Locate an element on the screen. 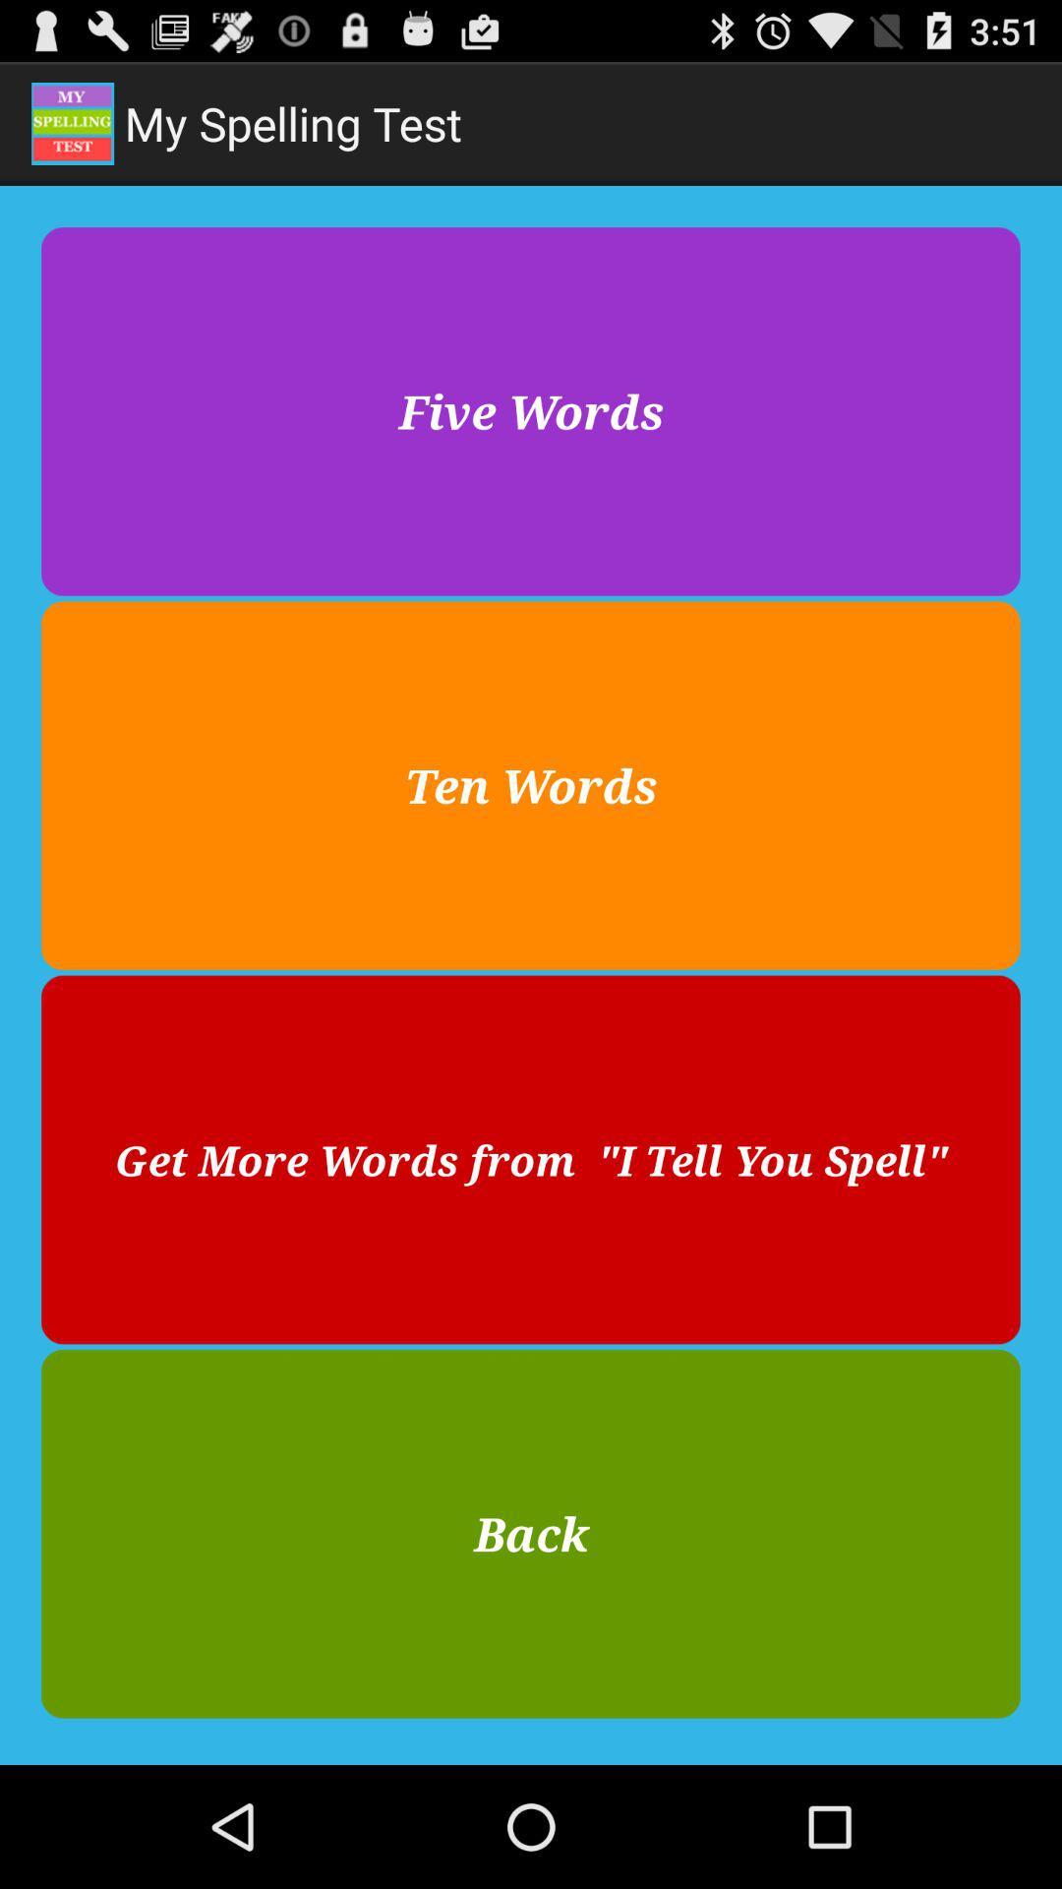 The height and width of the screenshot is (1889, 1062). item above the back button is located at coordinates (531, 1160).